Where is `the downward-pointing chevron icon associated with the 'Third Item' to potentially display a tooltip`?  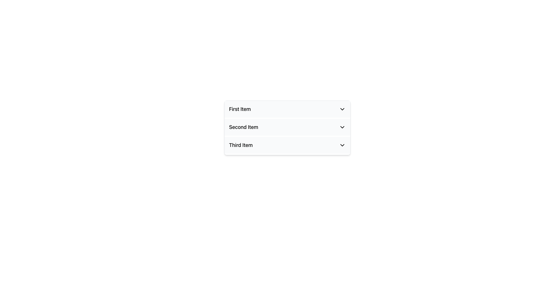 the downward-pointing chevron icon associated with the 'Third Item' to potentially display a tooltip is located at coordinates (342, 145).